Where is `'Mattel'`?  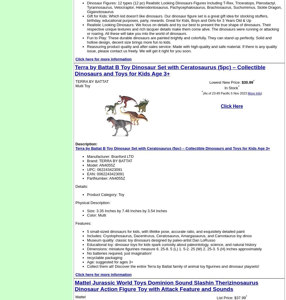 'Mattel' is located at coordinates (80, 297).